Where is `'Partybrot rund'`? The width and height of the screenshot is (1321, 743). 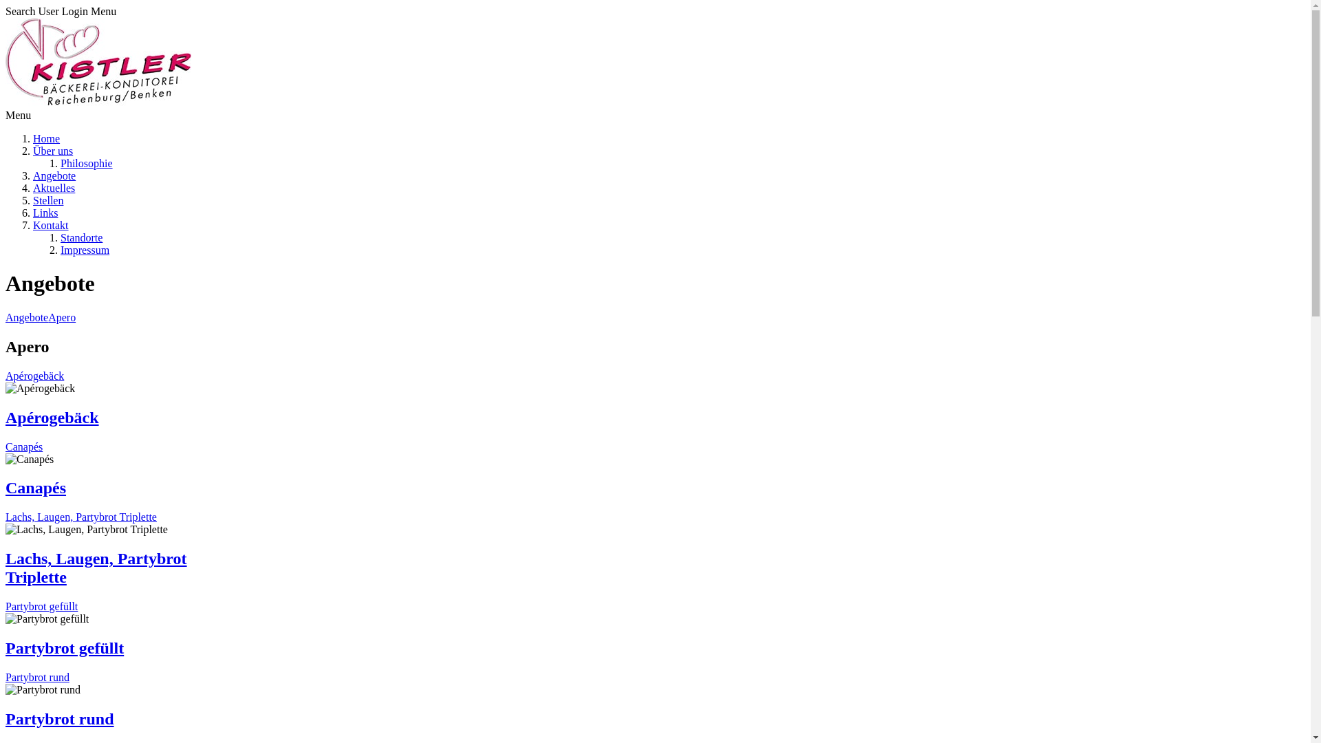 'Partybrot rund' is located at coordinates (6, 676).